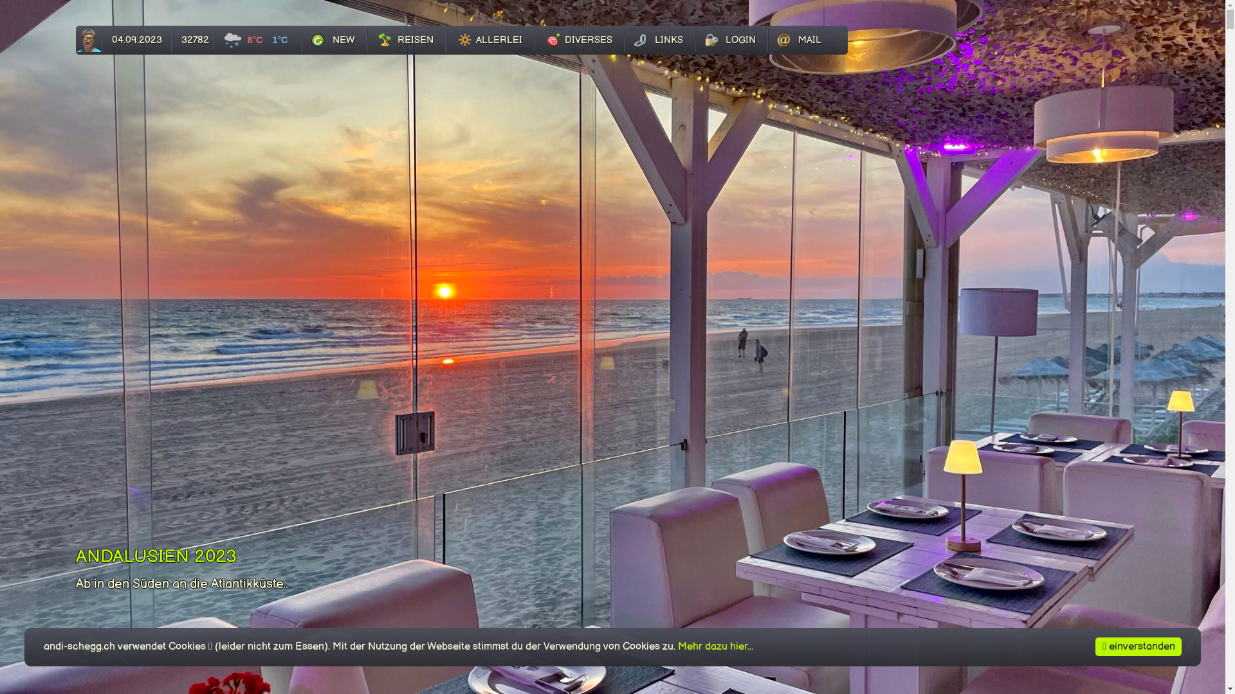 The height and width of the screenshot is (694, 1235). What do you see at coordinates (489, 39) in the screenshot?
I see `'        ALLERLEI '` at bounding box center [489, 39].